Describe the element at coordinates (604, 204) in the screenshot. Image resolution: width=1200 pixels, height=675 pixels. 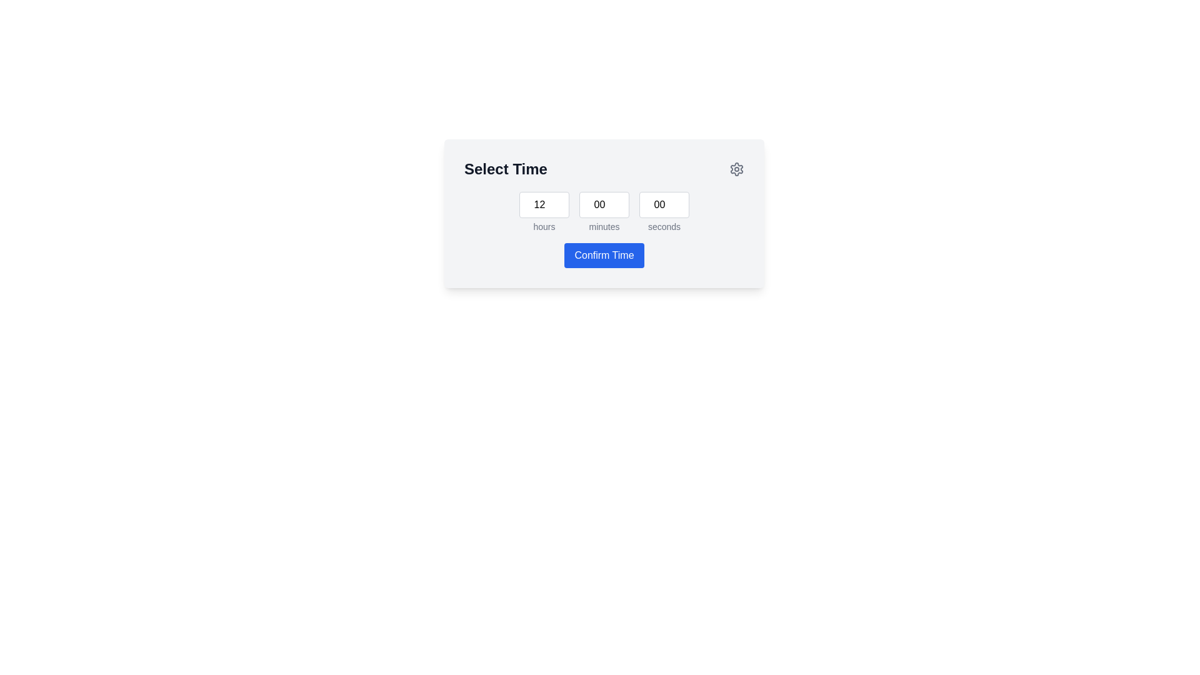
I see `the Number input field for minutes, which is a light gray rounded rectangular input box containing '00'` at that location.